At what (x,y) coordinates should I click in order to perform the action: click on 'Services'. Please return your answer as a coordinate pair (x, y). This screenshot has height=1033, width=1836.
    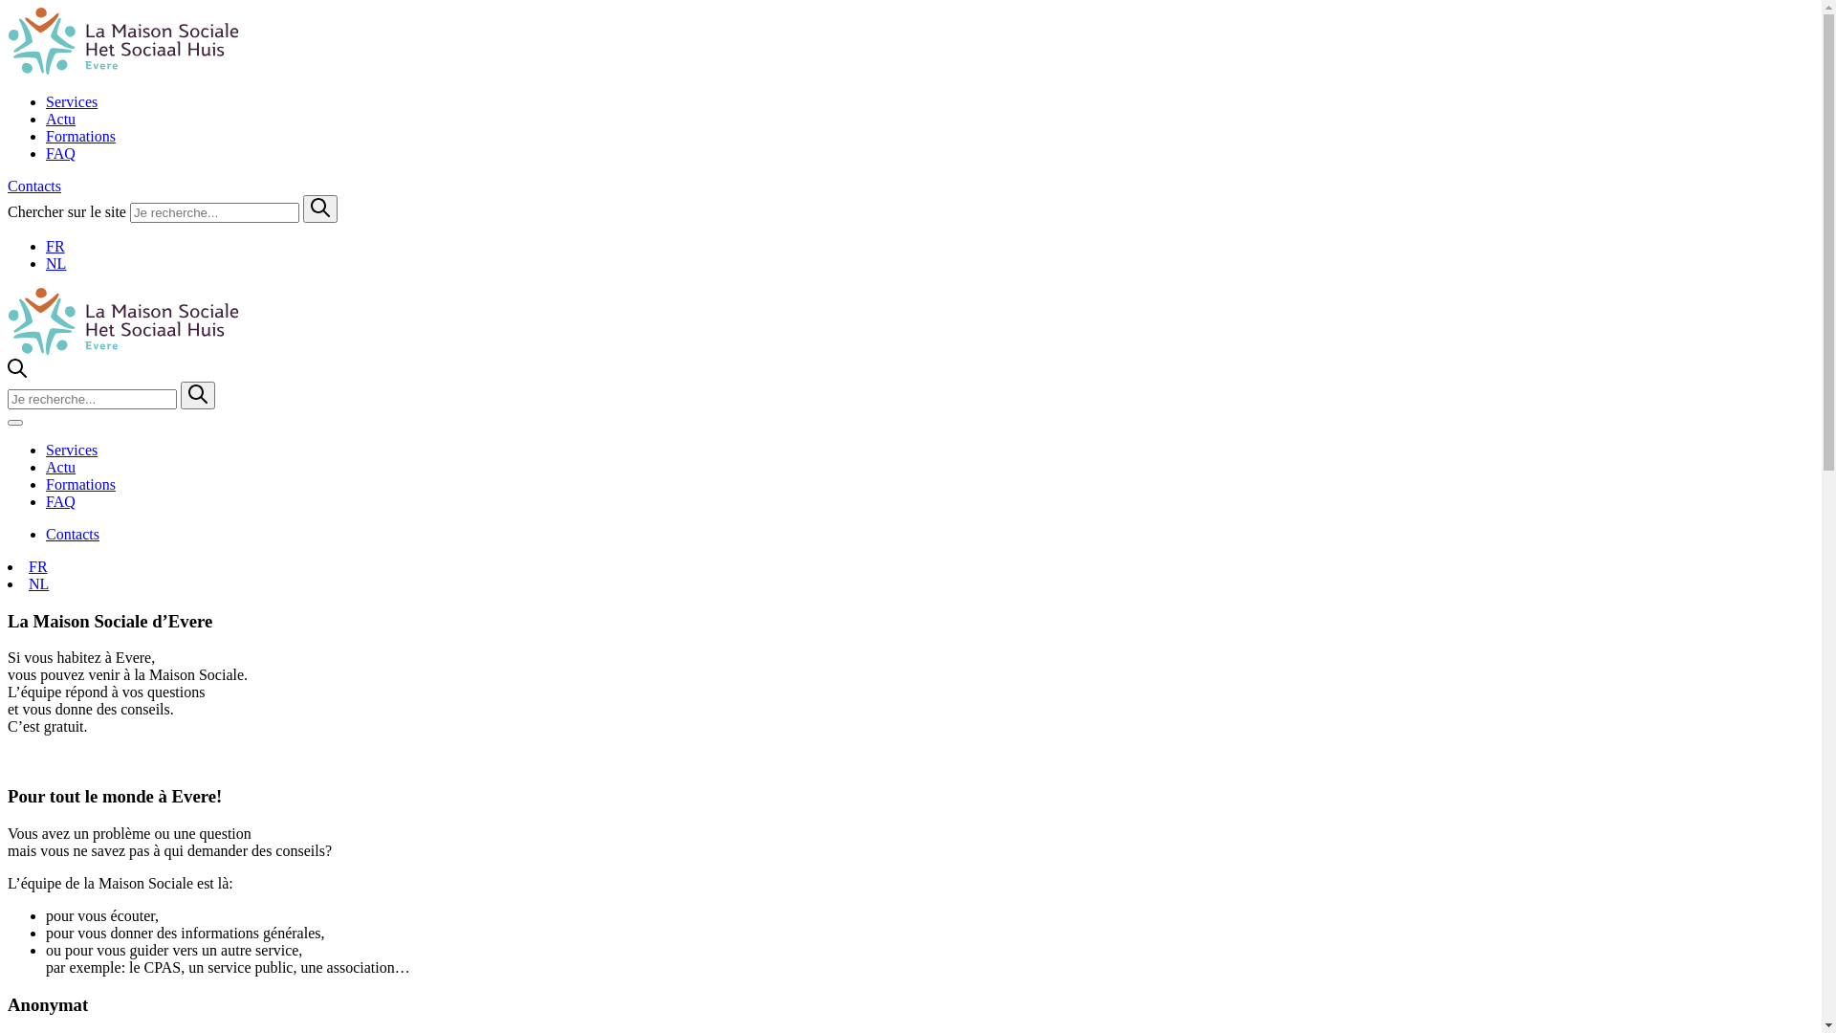
    Looking at the image, I should click on (72, 450).